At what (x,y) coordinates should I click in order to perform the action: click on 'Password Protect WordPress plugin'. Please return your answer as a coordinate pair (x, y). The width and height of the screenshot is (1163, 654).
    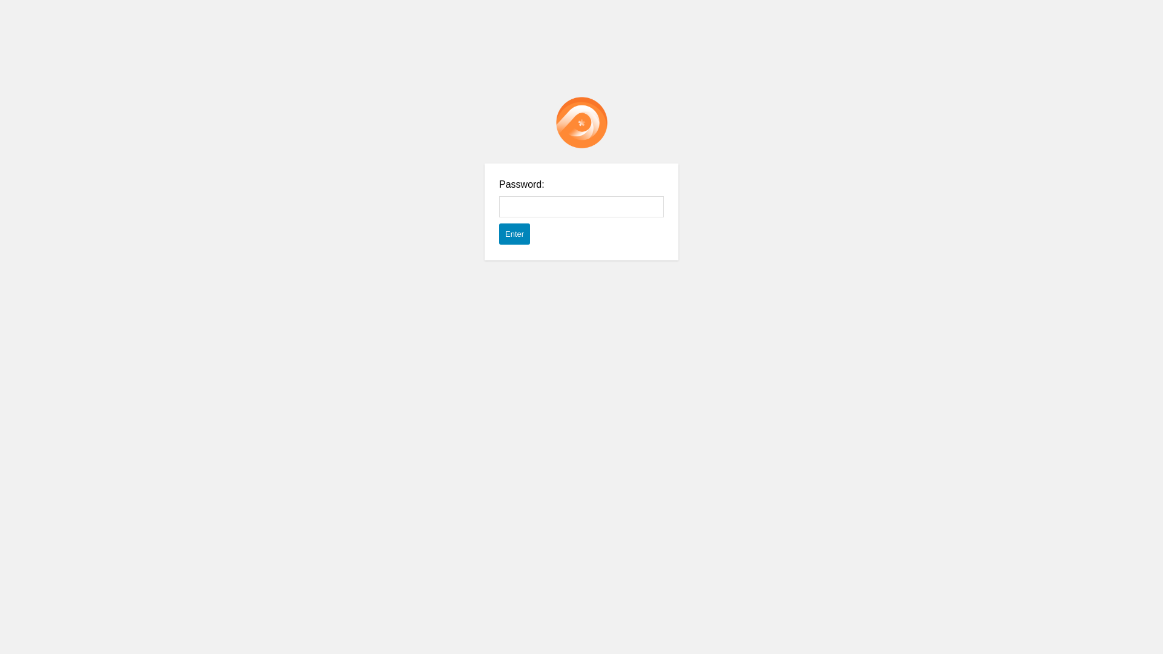
    Looking at the image, I should click on (581, 122).